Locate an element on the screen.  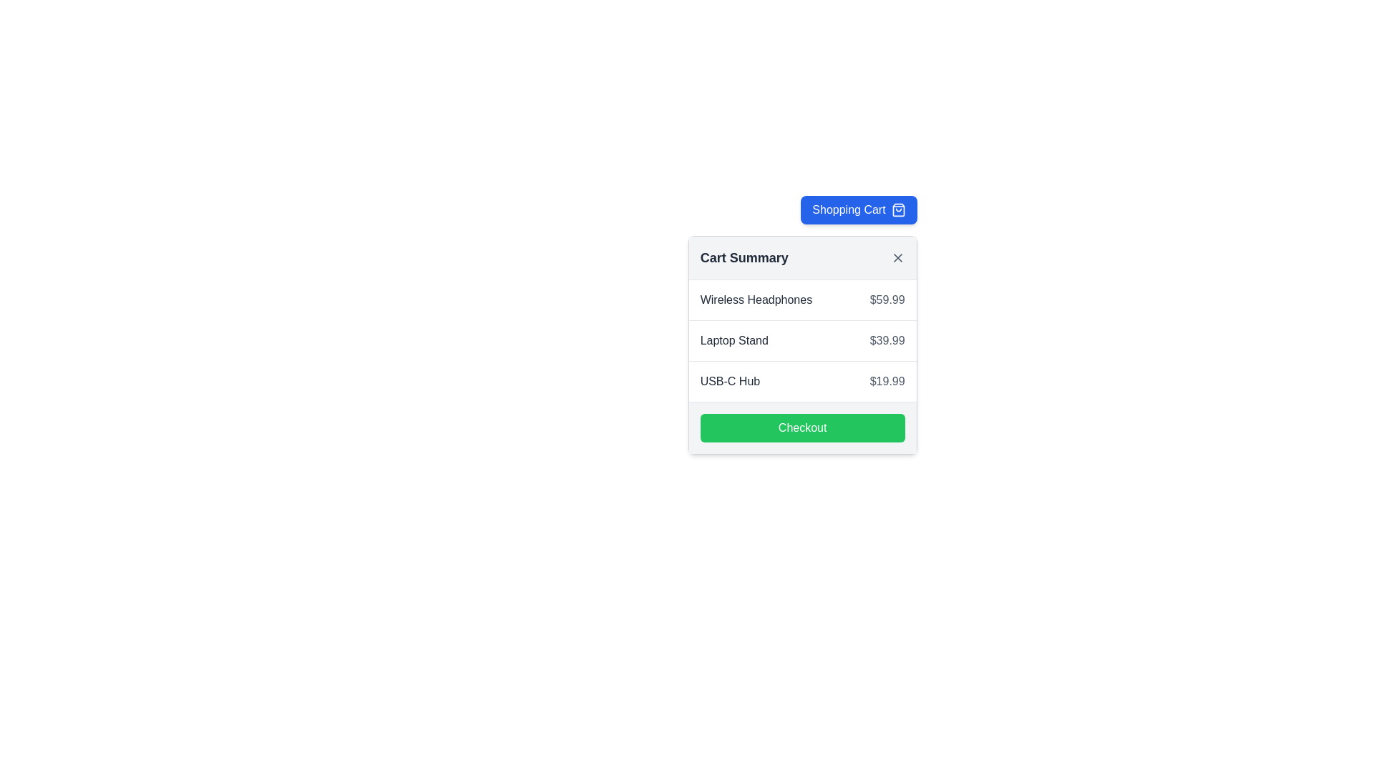
the shopping bag icon, which is the main outline within the 'Shopping Cart' button located at the top-right corner of the cart summary dialog is located at coordinates (897, 209).